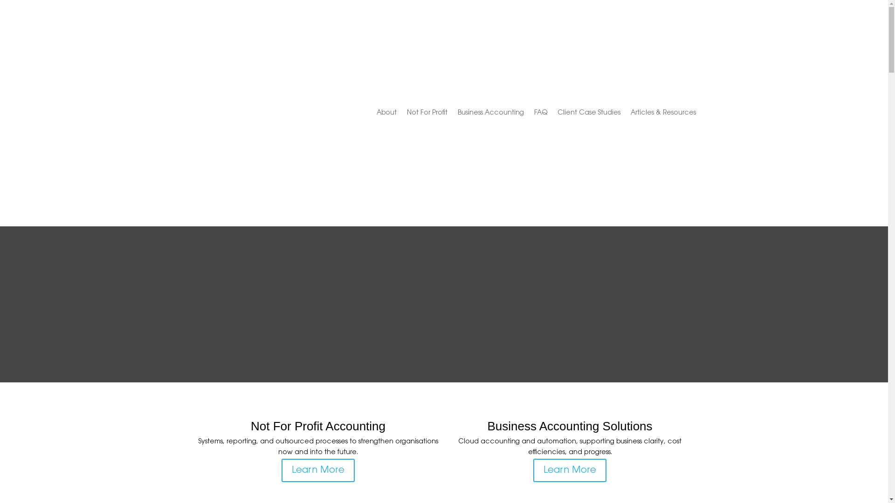  What do you see at coordinates (630, 113) in the screenshot?
I see `'Articles & Resources'` at bounding box center [630, 113].